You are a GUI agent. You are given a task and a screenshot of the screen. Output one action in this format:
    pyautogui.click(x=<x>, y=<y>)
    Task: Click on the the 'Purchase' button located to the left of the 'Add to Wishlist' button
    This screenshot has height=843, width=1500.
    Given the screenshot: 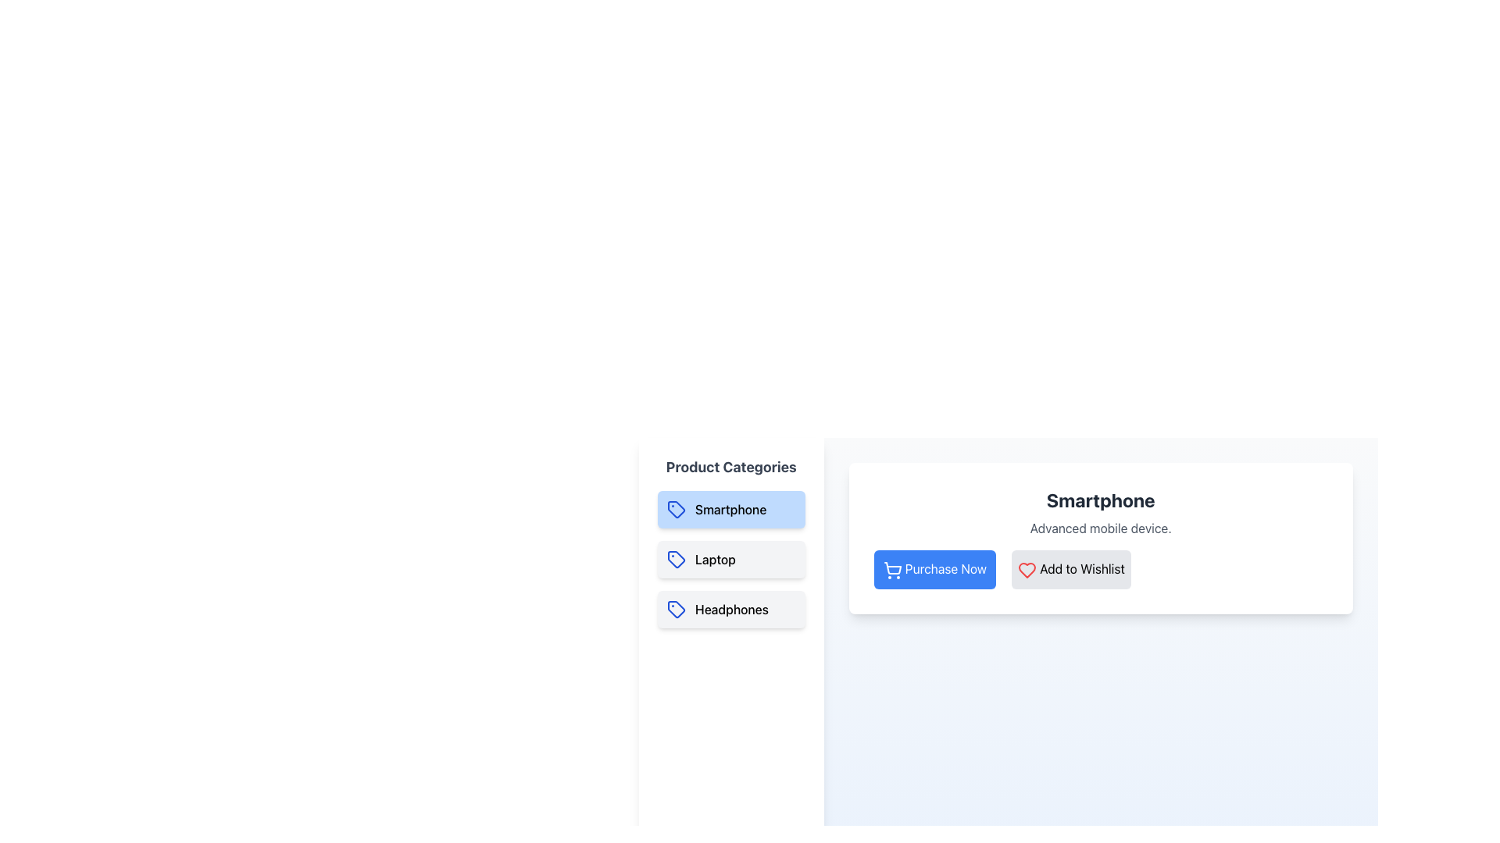 What is the action you would take?
    pyautogui.click(x=934, y=569)
    